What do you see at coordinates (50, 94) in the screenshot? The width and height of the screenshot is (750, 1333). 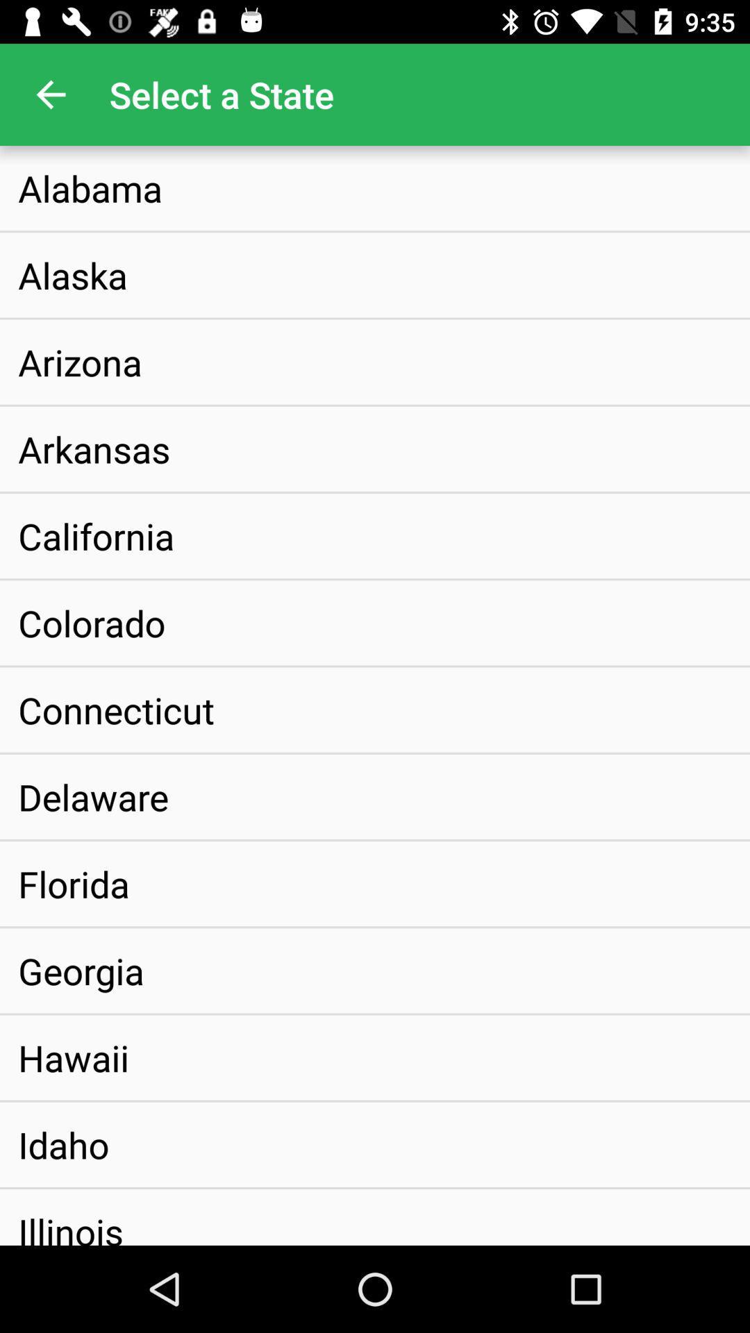 I see `the icon to the left of the select a state icon` at bounding box center [50, 94].